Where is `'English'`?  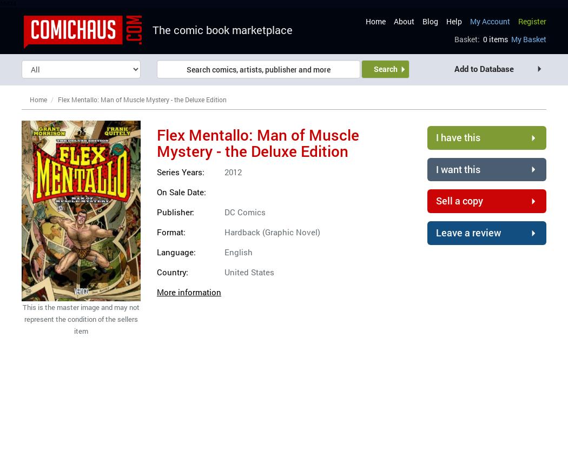 'English' is located at coordinates (238, 252).